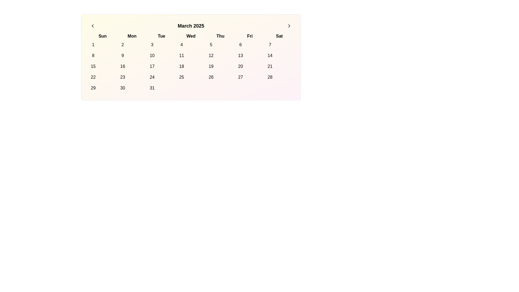 This screenshot has width=519, height=292. What do you see at coordinates (93, 77) in the screenshot?
I see `the circular button displaying '22' in the calendar grid, located in the 'Sun' column` at bounding box center [93, 77].